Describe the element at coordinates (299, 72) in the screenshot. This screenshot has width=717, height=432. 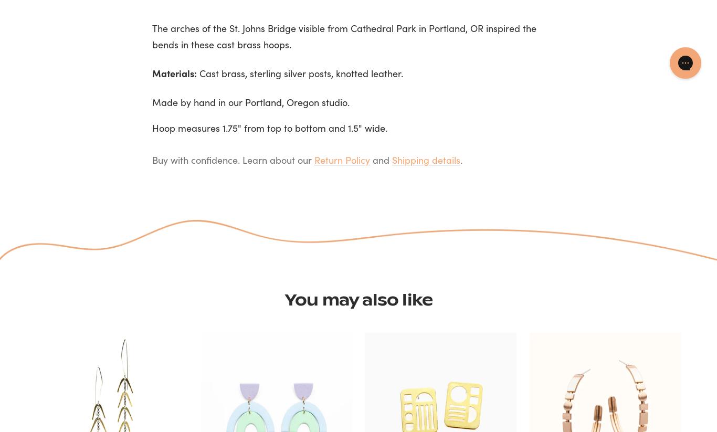
I see `'Cast brass, sterling silver posts, knotted leather.'` at that location.